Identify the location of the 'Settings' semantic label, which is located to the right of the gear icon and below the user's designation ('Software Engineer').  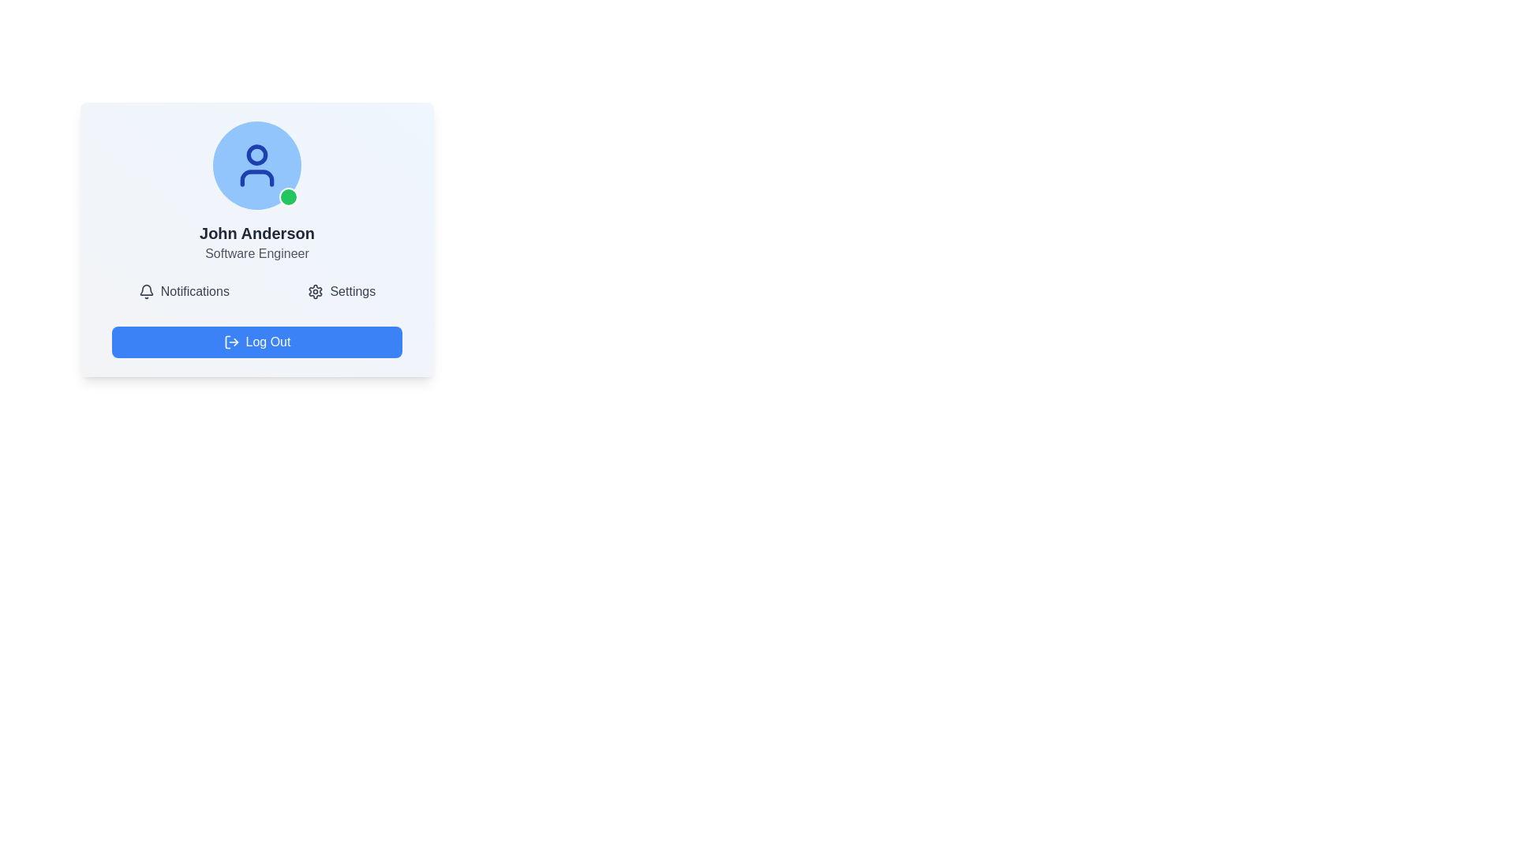
(352, 292).